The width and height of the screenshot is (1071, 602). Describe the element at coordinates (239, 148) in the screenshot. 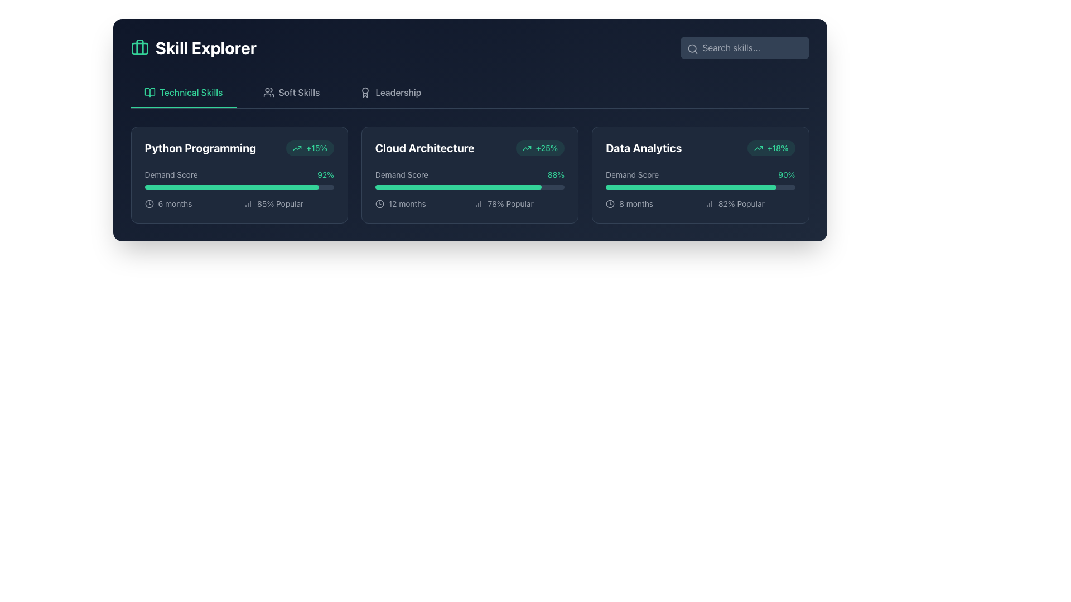

I see `the 'Python Programming' text in the Composite element with a badge indicating a percentage increase, located in the top-left section of the 'Technical Skills' card` at that location.